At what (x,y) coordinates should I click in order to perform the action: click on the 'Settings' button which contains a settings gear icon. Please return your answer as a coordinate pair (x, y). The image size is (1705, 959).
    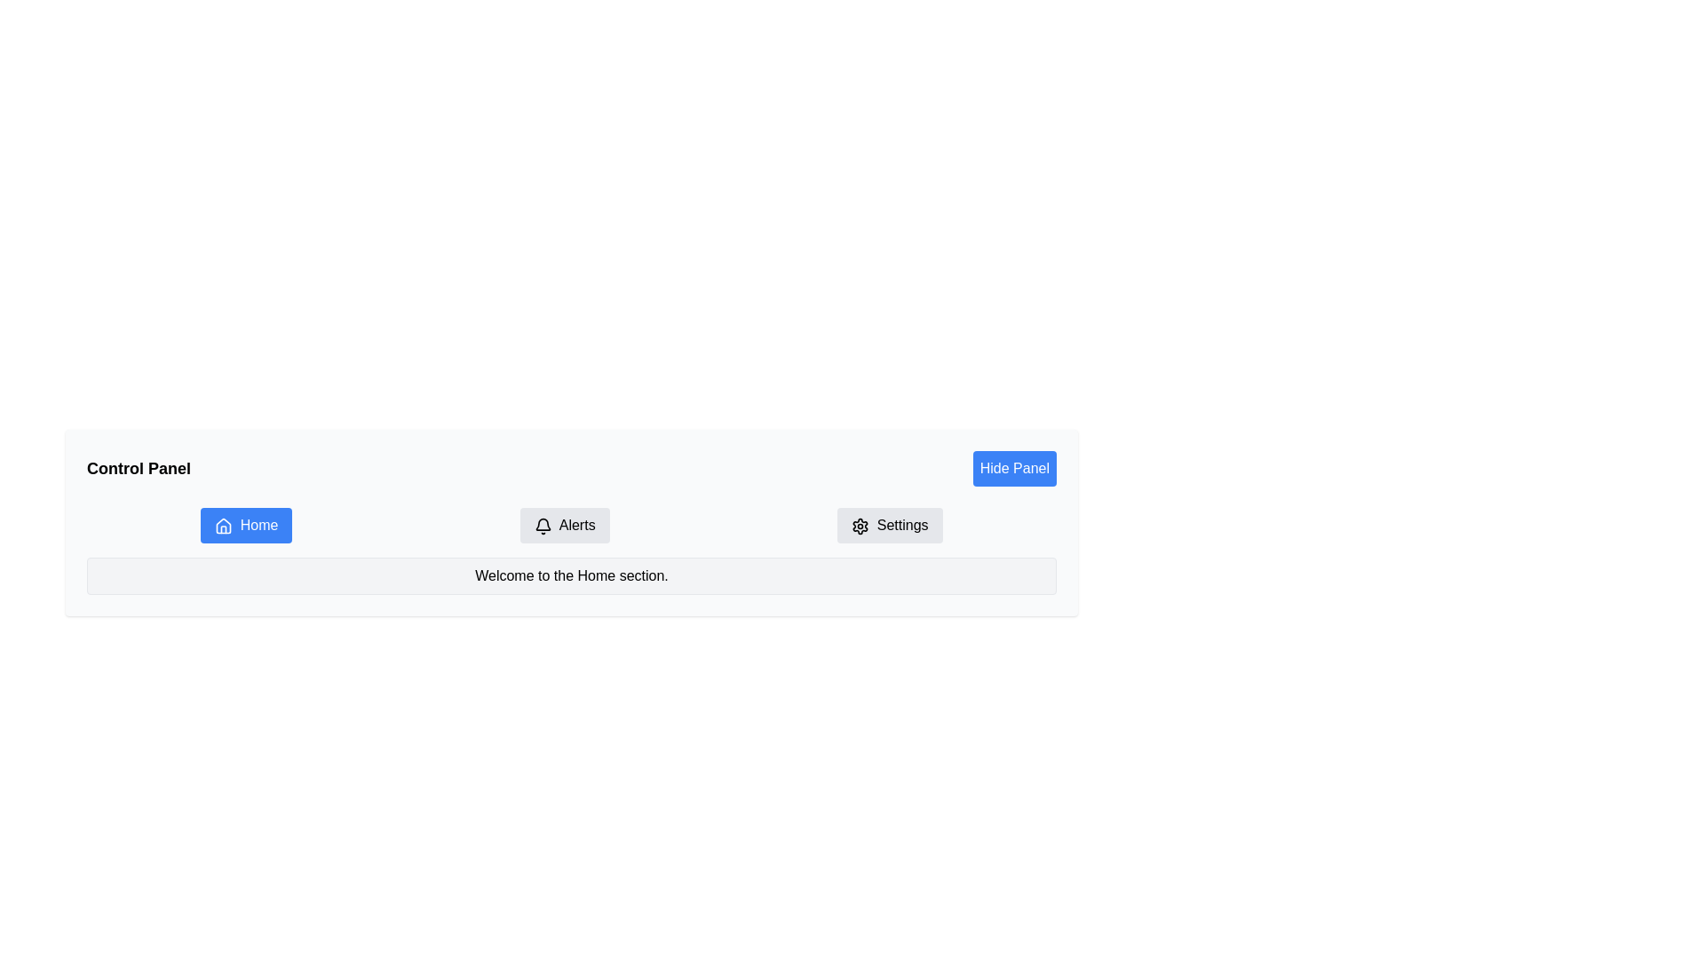
    Looking at the image, I should click on (860, 525).